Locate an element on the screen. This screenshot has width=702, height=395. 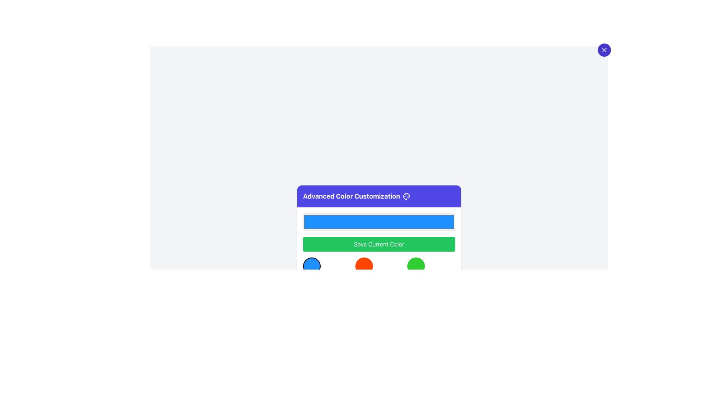
the cross icon located in the center of the purple circular button in the top-right corner is located at coordinates (604, 50).